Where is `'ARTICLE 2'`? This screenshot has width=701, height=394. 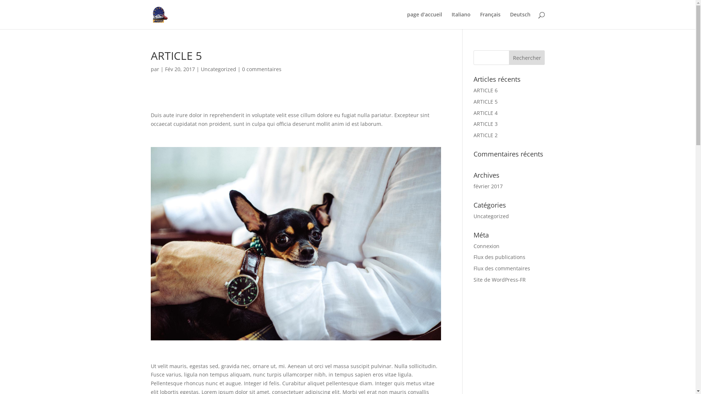 'ARTICLE 2' is located at coordinates (485, 135).